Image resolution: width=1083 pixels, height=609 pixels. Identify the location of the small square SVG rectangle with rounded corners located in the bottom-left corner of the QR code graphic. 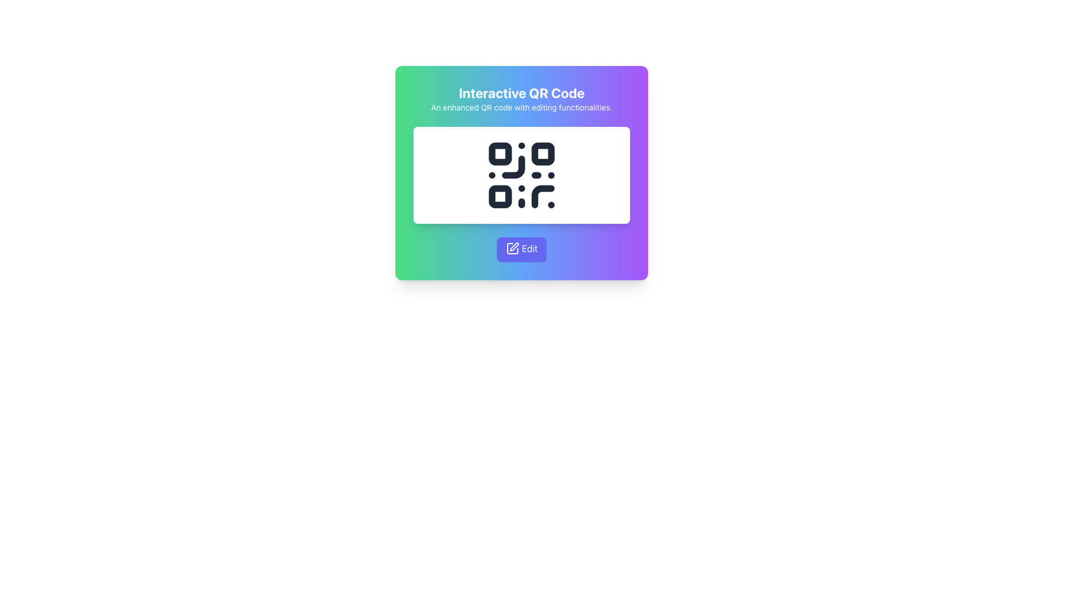
(500, 196).